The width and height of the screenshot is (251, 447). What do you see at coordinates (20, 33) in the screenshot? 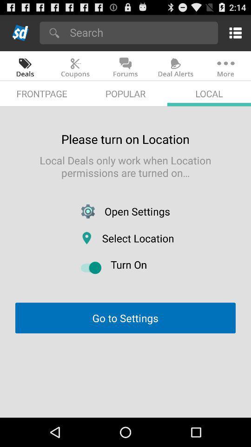
I see `home page` at bounding box center [20, 33].